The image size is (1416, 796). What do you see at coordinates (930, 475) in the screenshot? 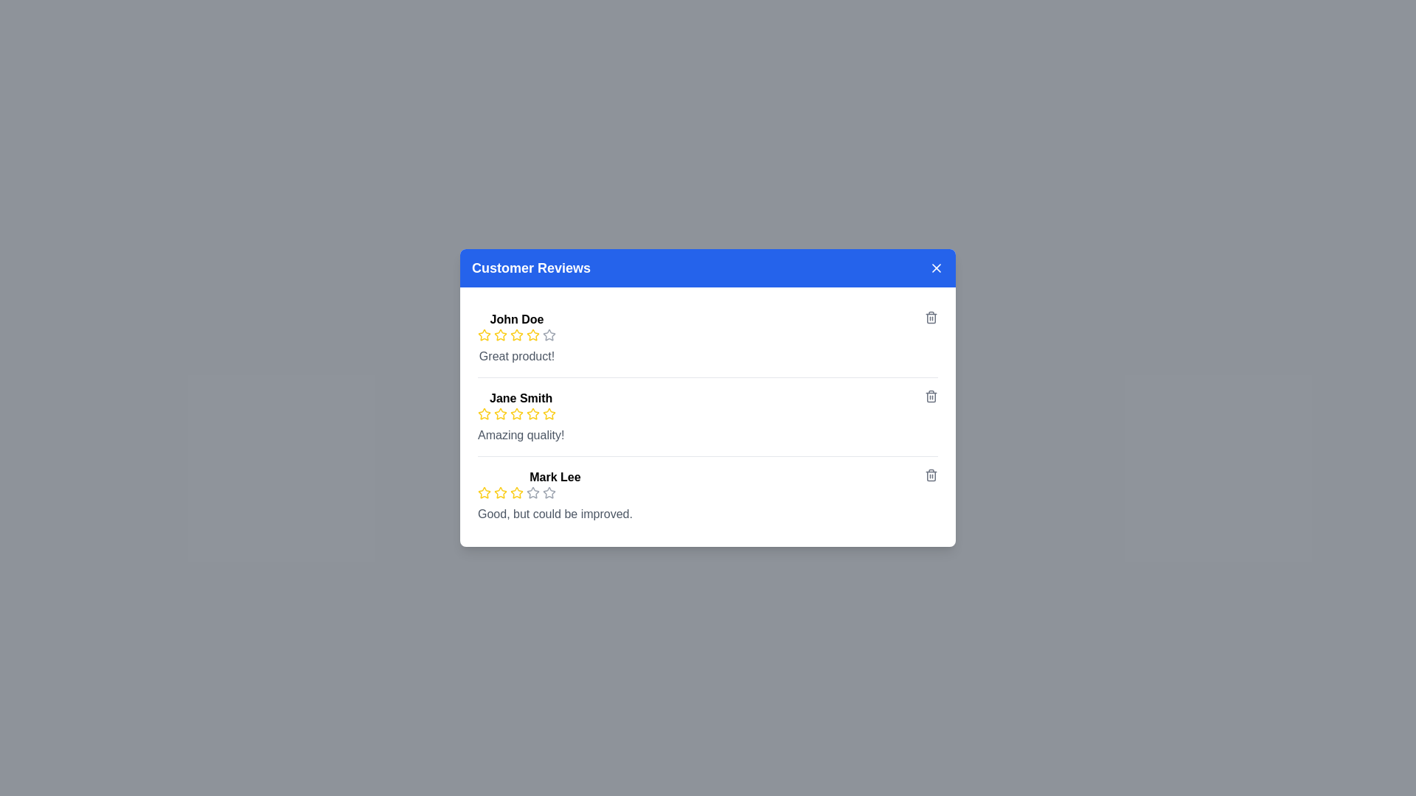
I see `the trash icon associated with the review by Mark Lee` at bounding box center [930, 475].